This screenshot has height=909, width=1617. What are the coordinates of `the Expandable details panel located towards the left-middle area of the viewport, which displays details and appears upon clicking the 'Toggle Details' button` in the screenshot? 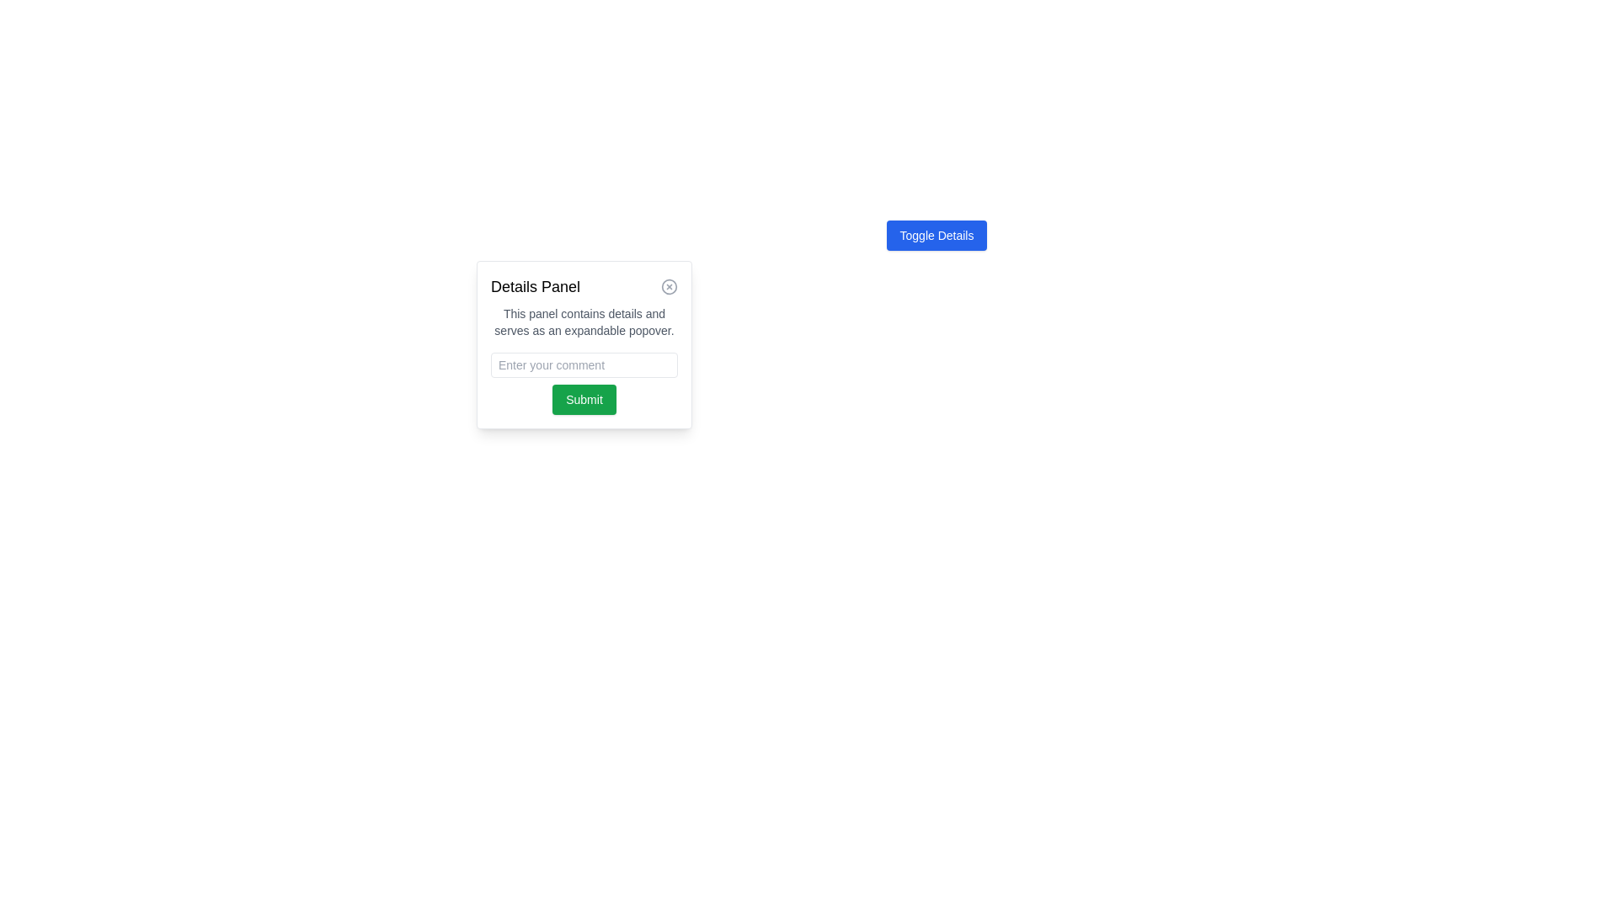 It's located at (584, 343).